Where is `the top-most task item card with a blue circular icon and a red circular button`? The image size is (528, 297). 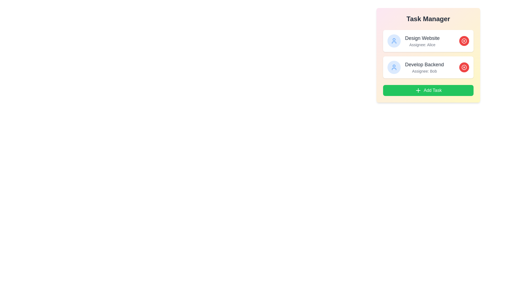
the top-most task item card with a blue circular icon and a red circular button is located at coordinates (428, 41).